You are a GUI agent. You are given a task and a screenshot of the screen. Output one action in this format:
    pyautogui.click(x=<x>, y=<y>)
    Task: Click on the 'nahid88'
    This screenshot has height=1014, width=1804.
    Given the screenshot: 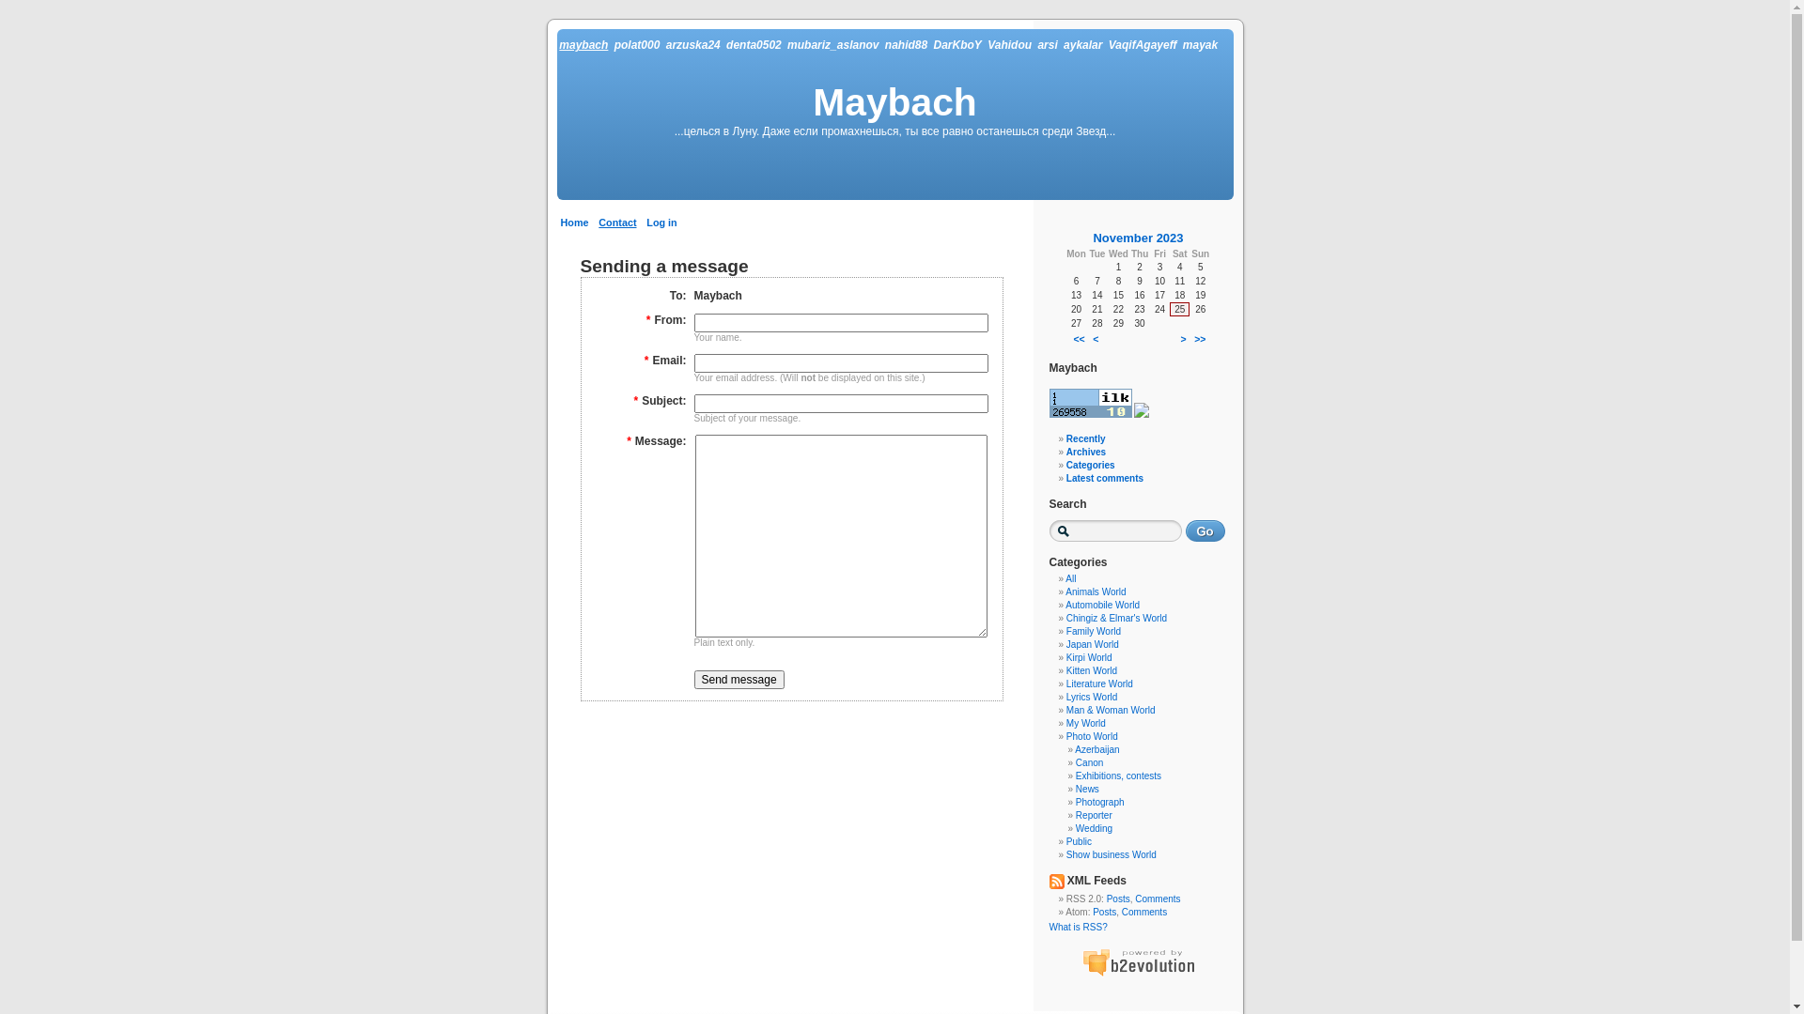 What is the action you would take?
    pyautogui.click(x=906, y=43)
    